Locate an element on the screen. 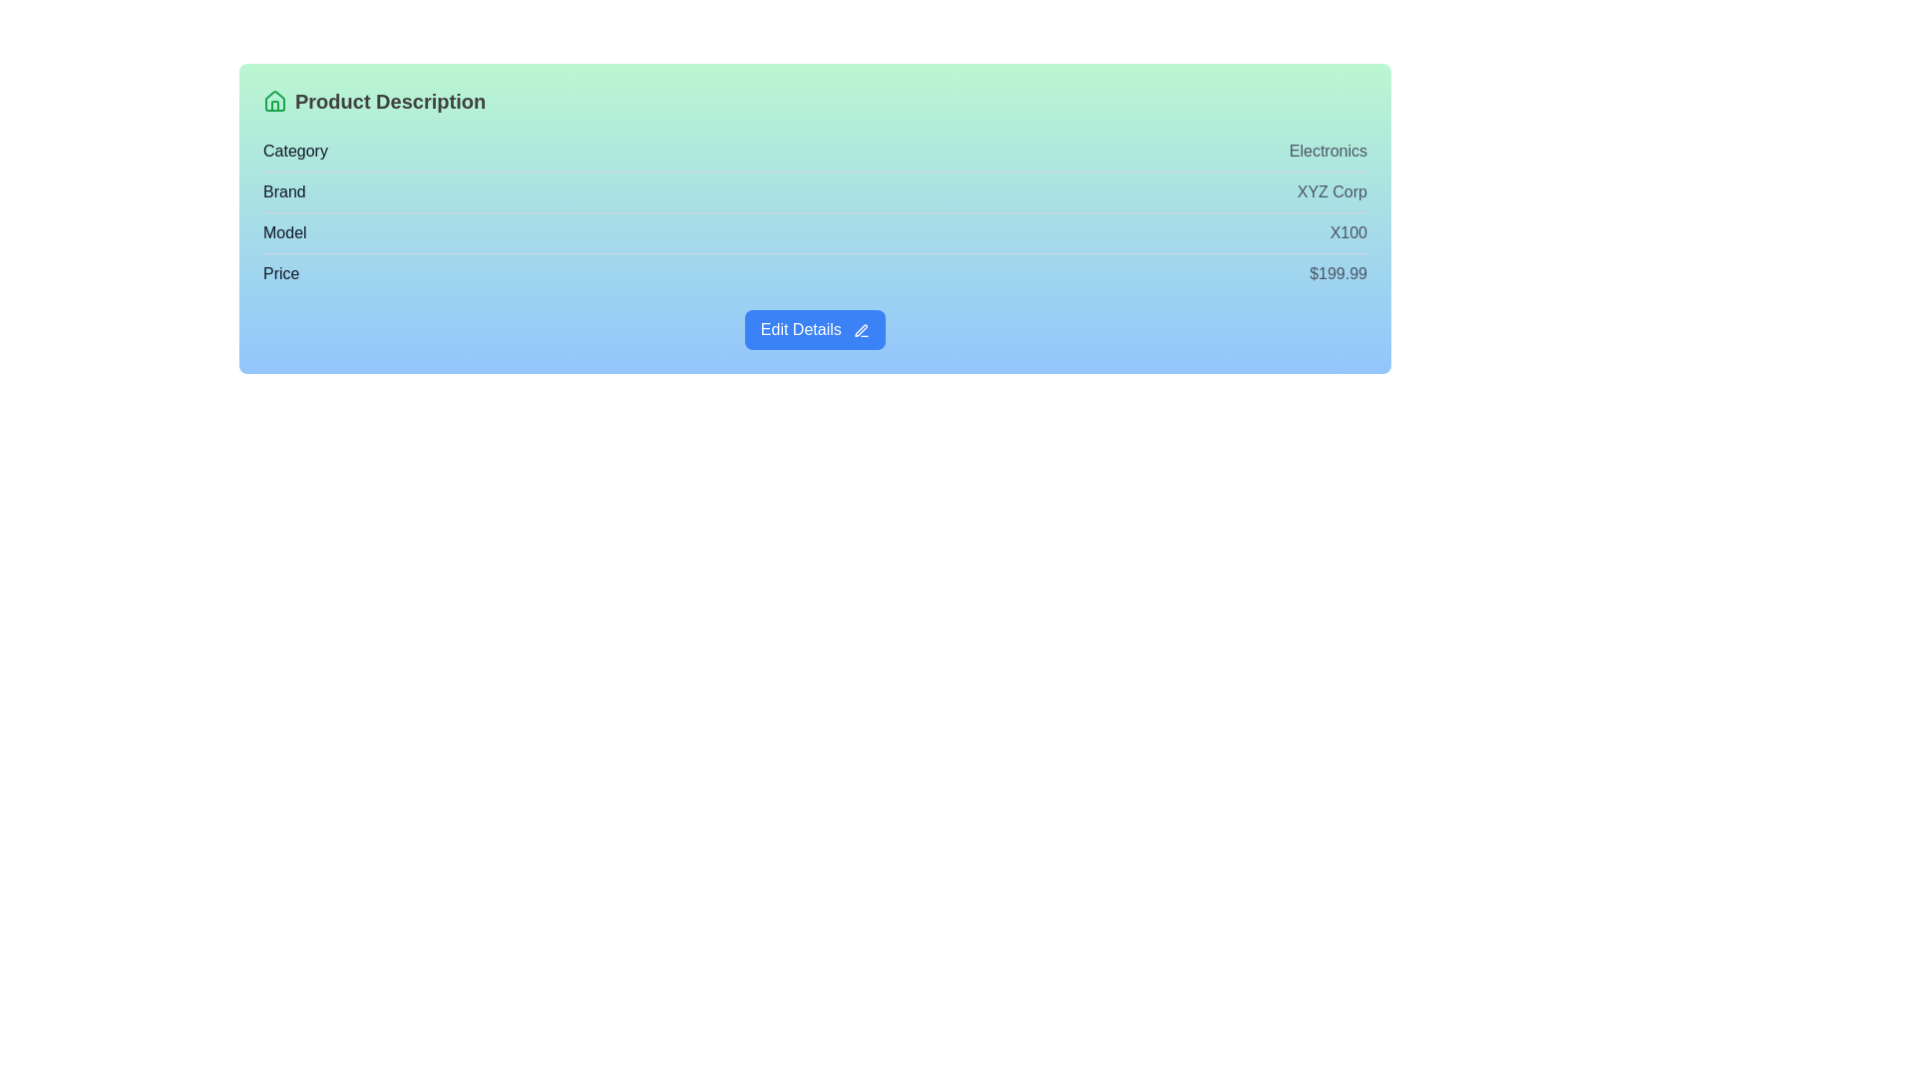 The image size is (1915, 1077). the pen icon located inside the blue button labeled 'Edit Details', which is positioned to the right of the text in the button is located at coordinates (862, 329).